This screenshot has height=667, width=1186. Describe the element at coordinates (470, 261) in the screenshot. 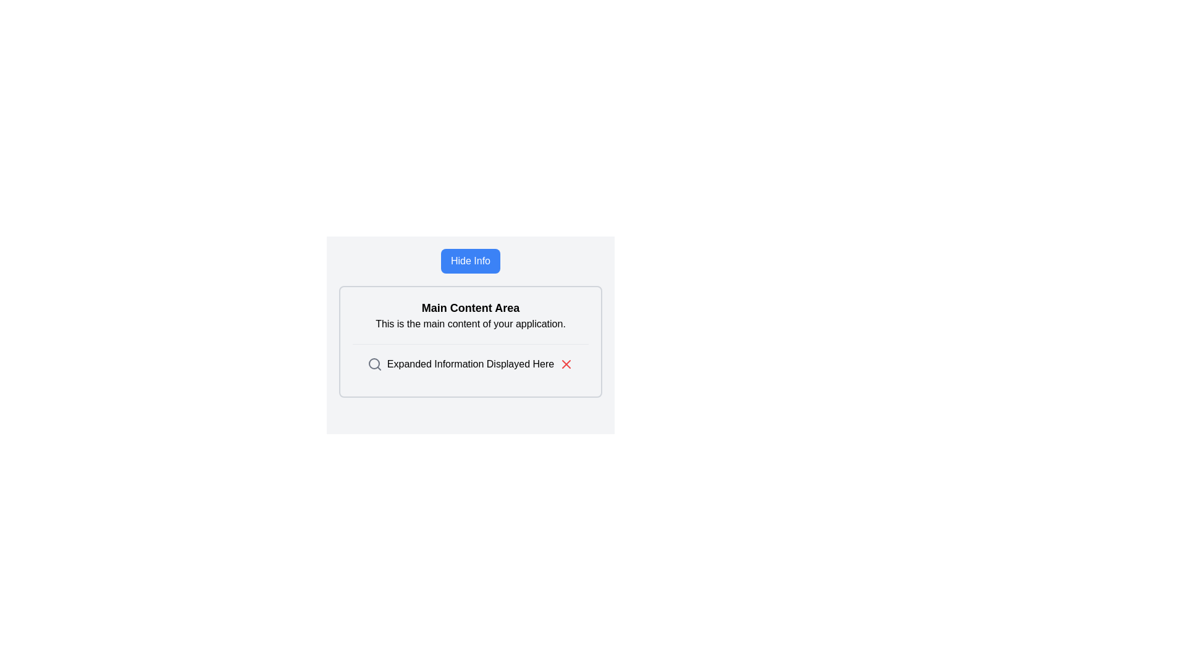

I see `the 'Hide Info' button, which has a blue background and white text, located above the 'Main Content Area'` at that location.